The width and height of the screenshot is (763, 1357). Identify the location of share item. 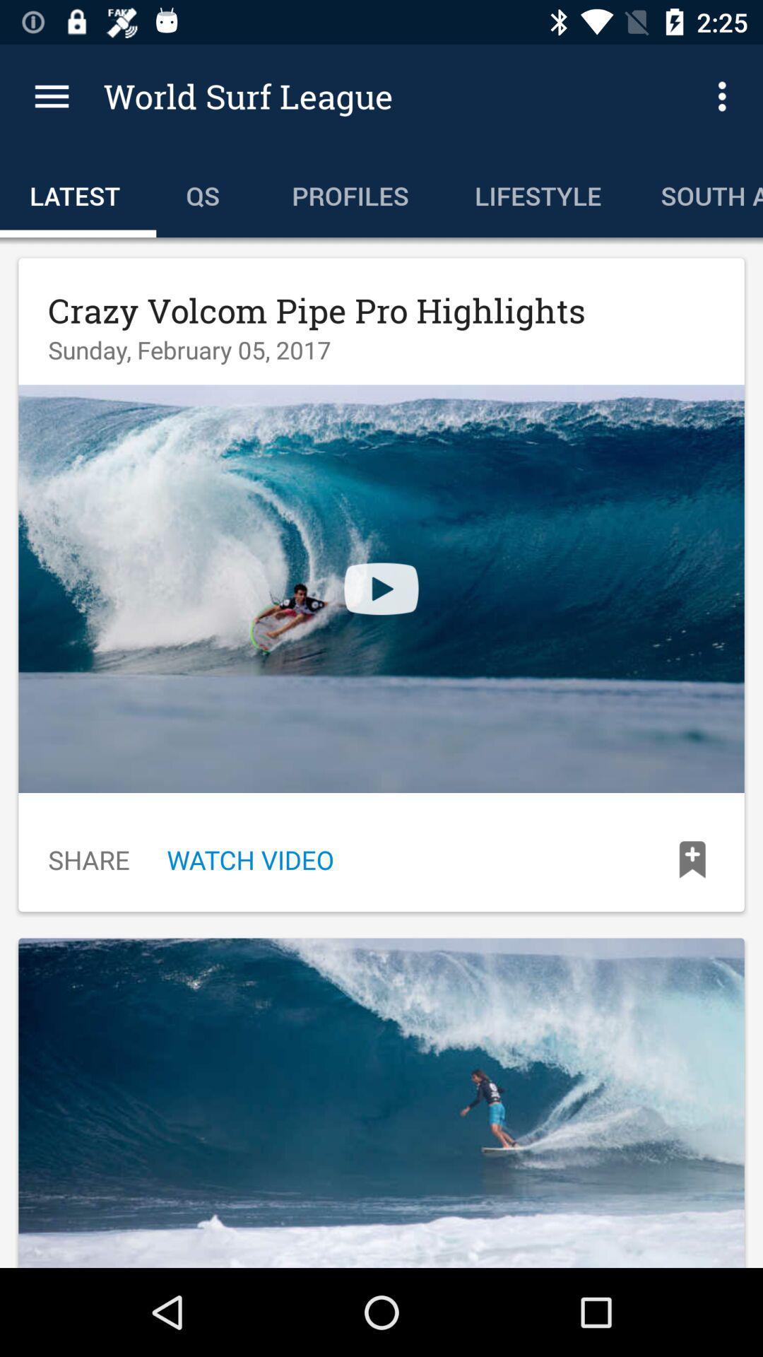
(89, 859).